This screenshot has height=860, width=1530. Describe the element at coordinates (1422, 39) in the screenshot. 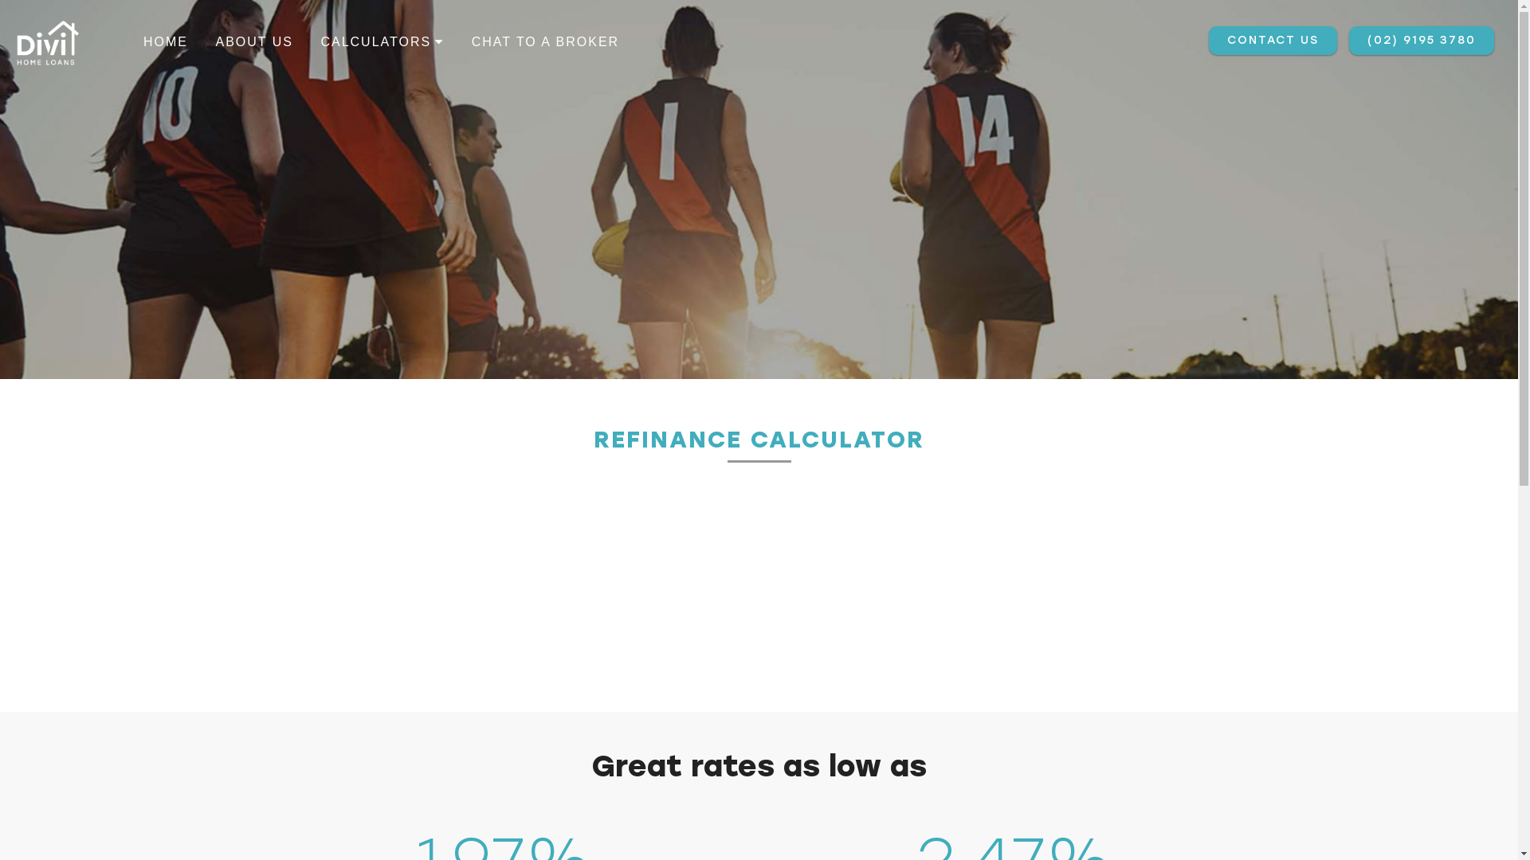

I see `'(02) 9195 3780'` at that location.